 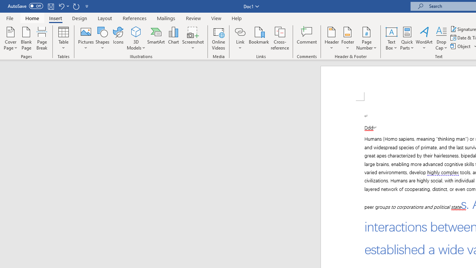 I want to click on 'Icons', so click(x=118, y=38).